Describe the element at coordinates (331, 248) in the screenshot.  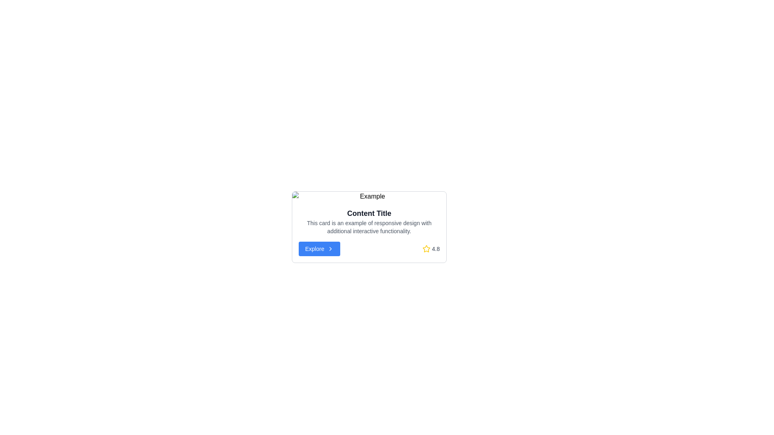
I see `the small rightward chevron icon (>) located within the rounded blue 'Explore' button at the bottom-left corner of the card layout` at that location.